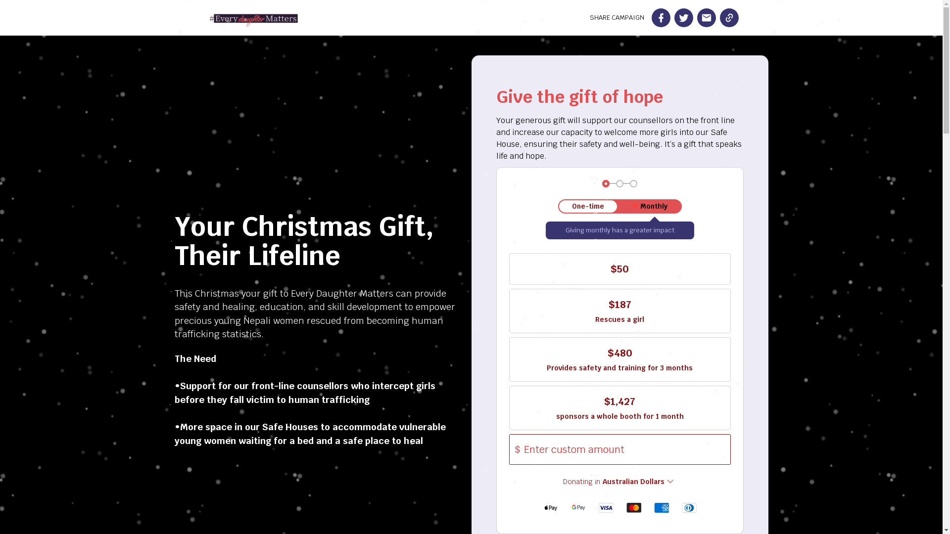  What do you see at coordinates (605, 183) in the screenshot?
I see `'Step 1'` at bounding box center [605, 183].